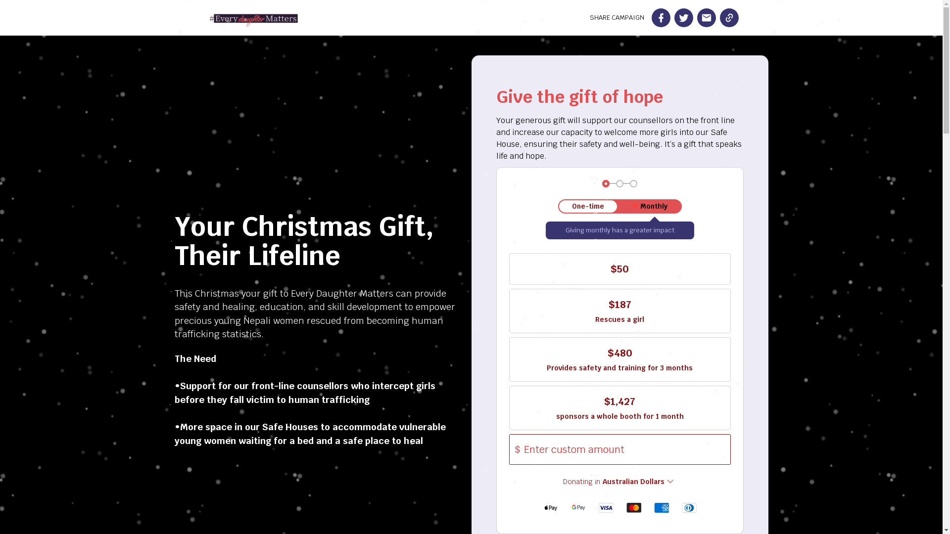  What do you see at coordinates (605, 183) in the screenshot?
I see `'Step 1'` at bounding box center [605, 183].